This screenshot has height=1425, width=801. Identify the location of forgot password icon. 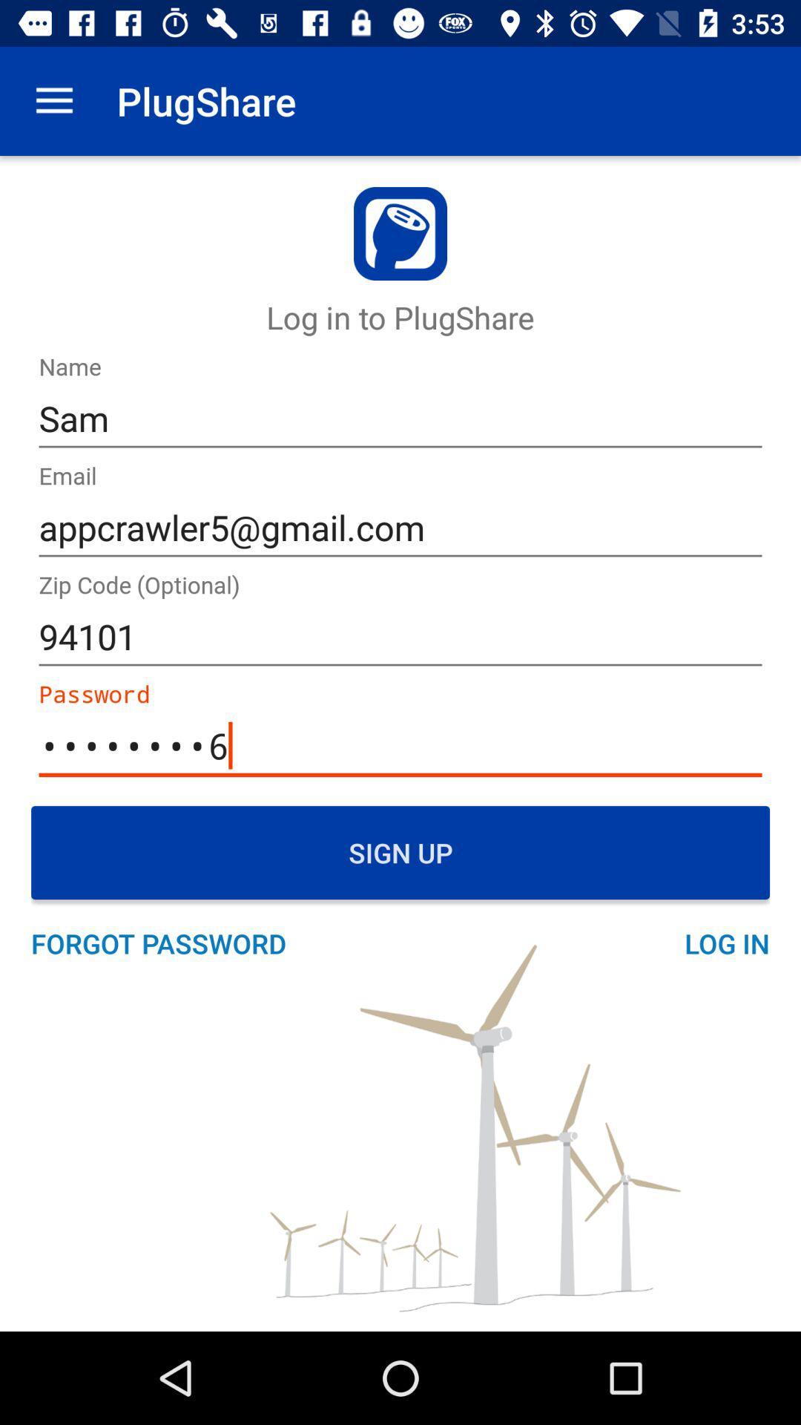
(166, 943).